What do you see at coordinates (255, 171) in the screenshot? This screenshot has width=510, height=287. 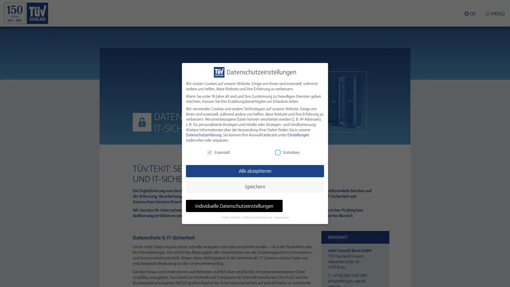 I see `Alle akzeptieren` at bounding box center [255, 171].